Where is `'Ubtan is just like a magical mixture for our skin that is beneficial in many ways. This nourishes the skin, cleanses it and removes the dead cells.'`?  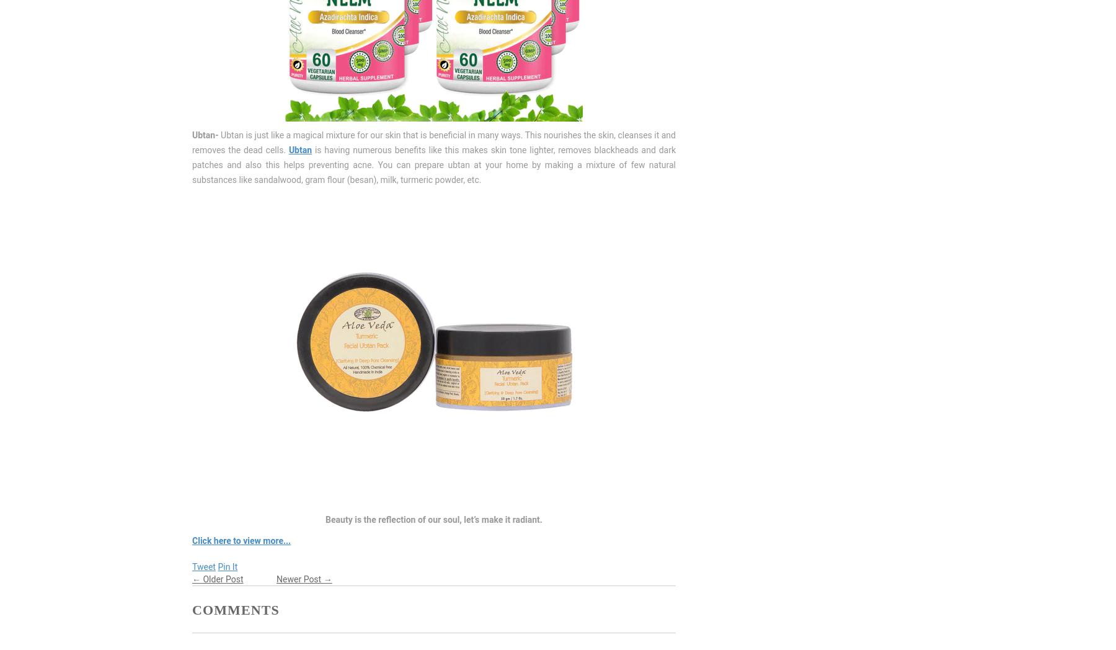
'Ubtan is just like a magical mixture for our skin that is beneficial in many ways. This nourishes the skin, cleanses it and removes the dead cells.' is located at coordinates (433, 143).